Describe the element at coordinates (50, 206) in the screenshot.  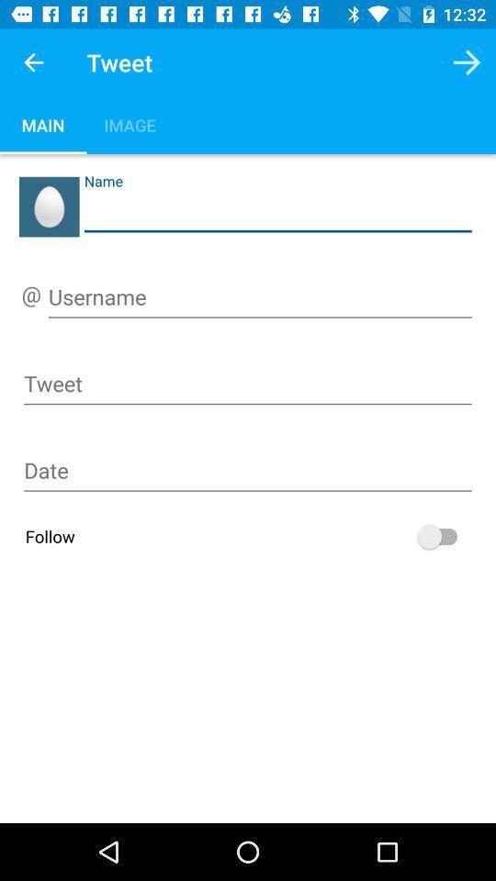
I see `name field select the left side image` at that location.